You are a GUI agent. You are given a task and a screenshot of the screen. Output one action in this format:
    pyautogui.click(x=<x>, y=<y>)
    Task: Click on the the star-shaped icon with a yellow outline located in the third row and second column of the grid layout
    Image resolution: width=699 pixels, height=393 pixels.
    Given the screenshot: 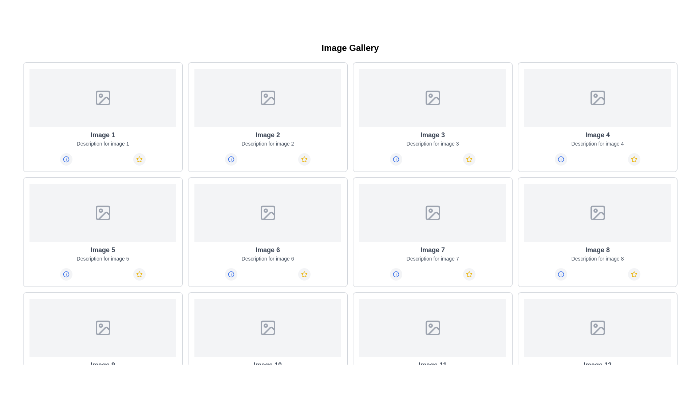 What is the action you would take?
    pyautogui.click(x=304, y=274)
    